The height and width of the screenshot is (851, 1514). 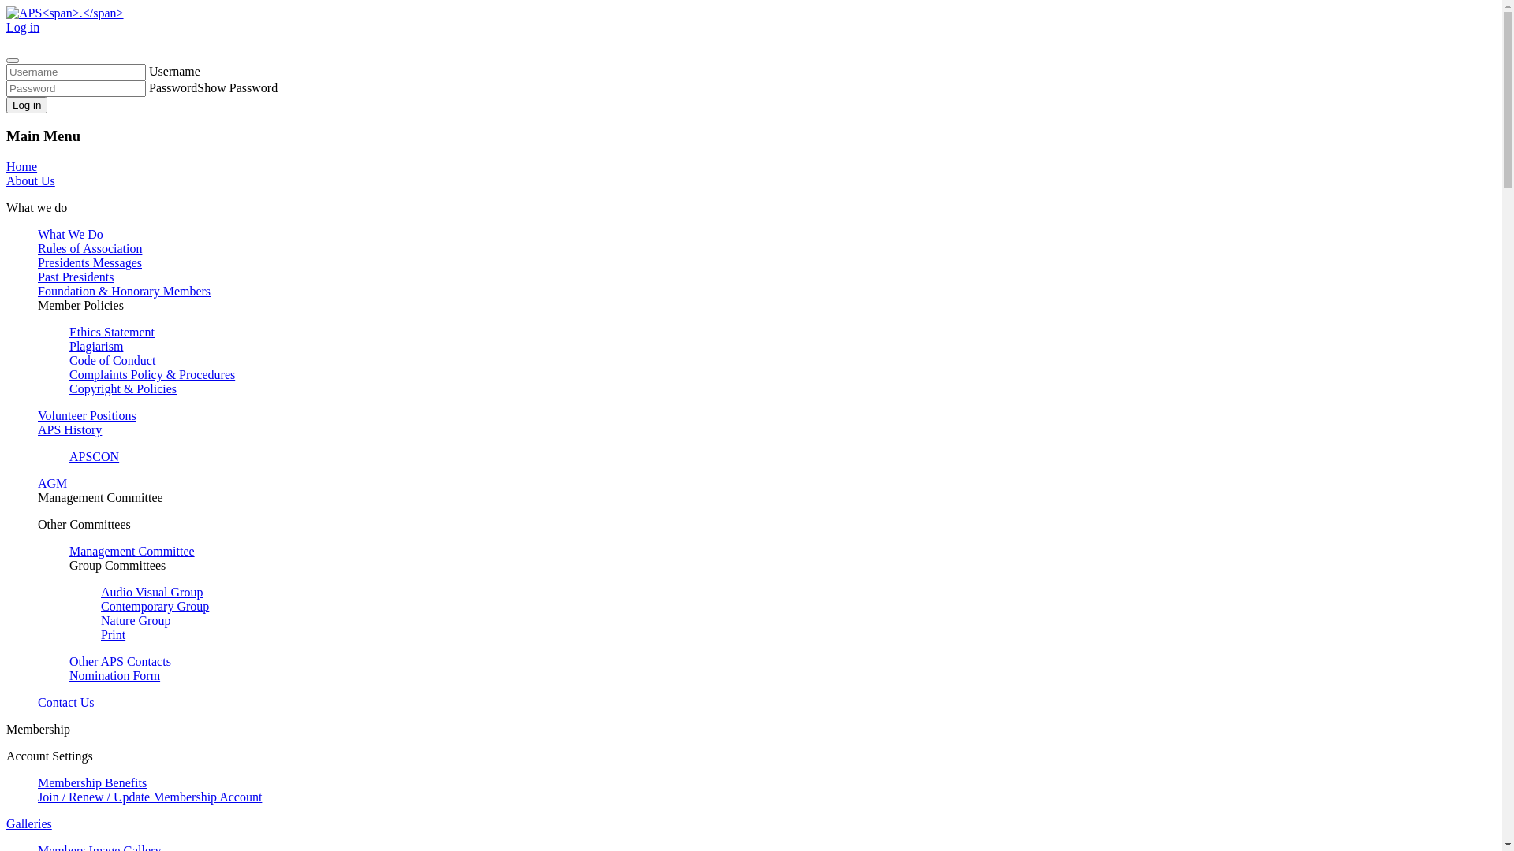 I want to click on 'Join / Renew / Update Membership Account', so click(x=150, y=797).